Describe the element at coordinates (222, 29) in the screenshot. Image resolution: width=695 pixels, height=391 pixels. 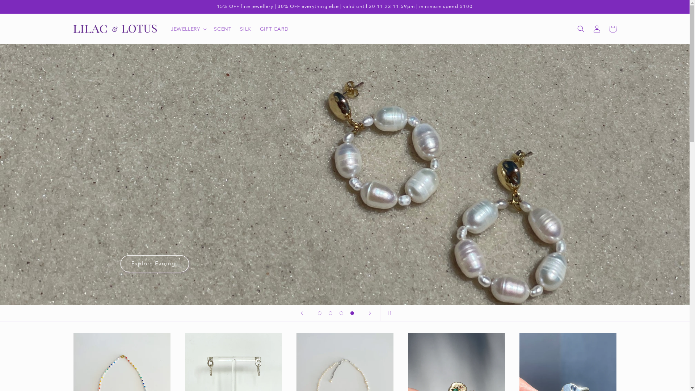
I see `'SCENT'` at that location.